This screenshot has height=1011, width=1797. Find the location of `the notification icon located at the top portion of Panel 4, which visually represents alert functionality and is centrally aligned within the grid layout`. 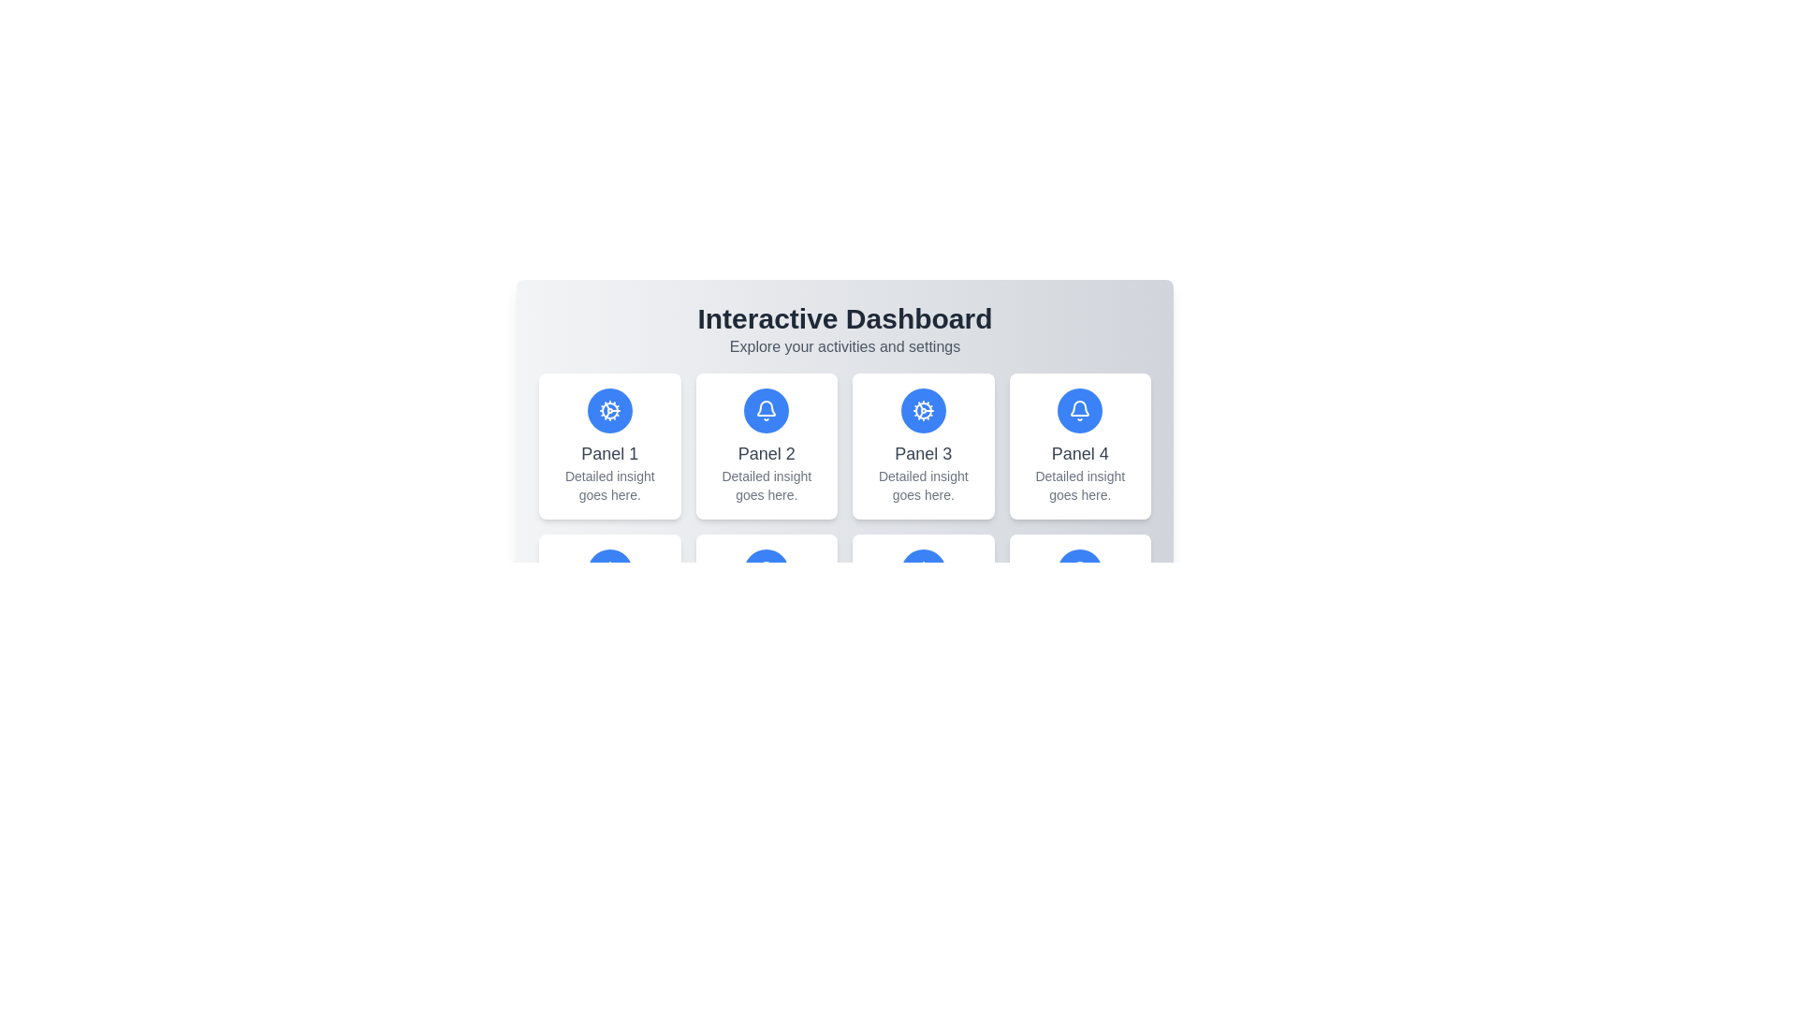

the notification icon located at the top portion of Panel 4, which visually represents alert functionality and is centrally aligned within the grid layout is located at coordinates (1080, 410).